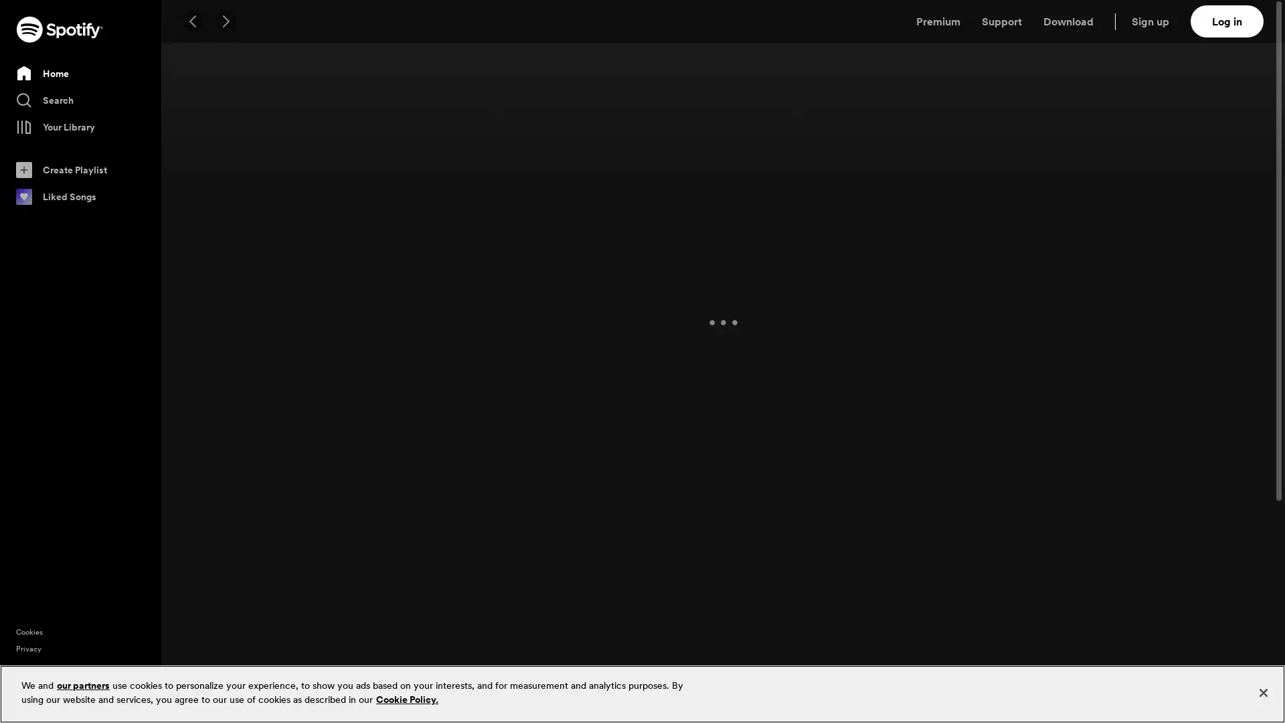 The height and width of the screenshot is (723, 1285). What do you see at coordinates (1094, 428) in the screenshot?
I see `Play chill lofi study beats` at bounding box center [1094, 428].